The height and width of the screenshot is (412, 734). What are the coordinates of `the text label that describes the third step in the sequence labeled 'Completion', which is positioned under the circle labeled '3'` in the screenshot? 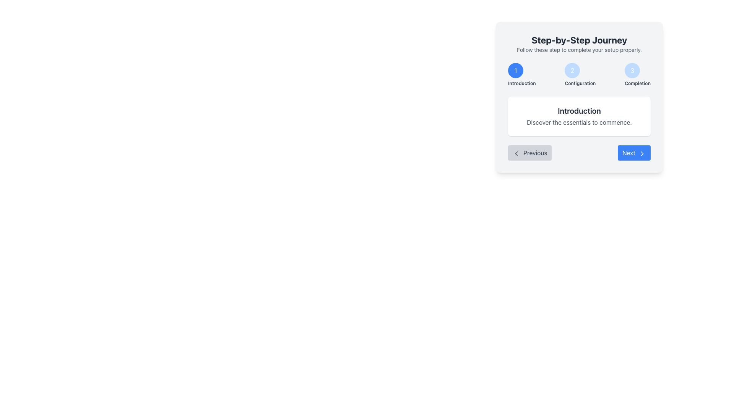 It's located at (638, 83).